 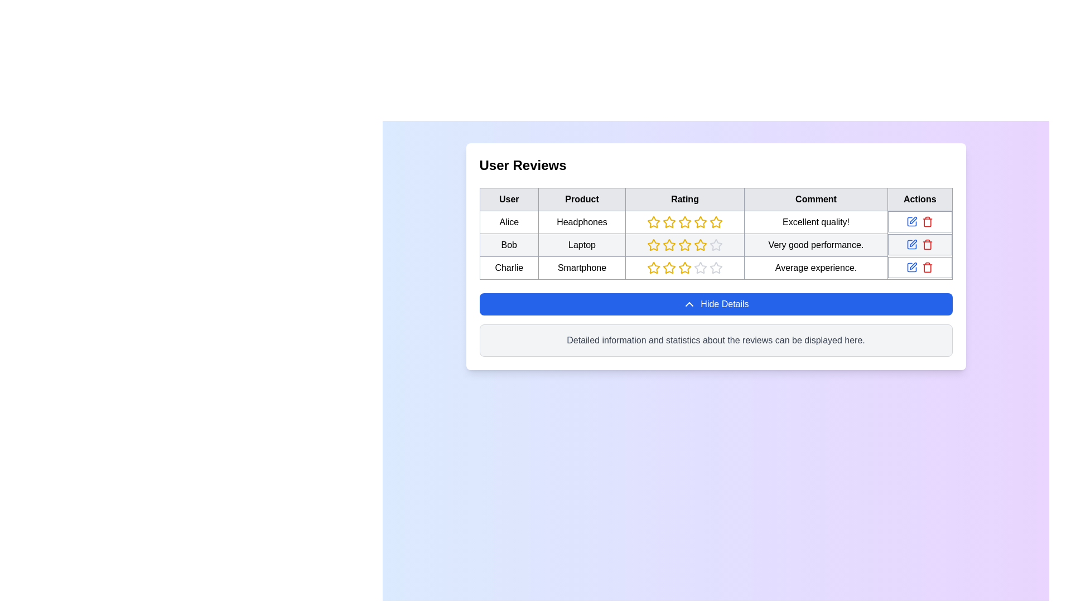 What do you see at coordinates (700, 244) in the screenshot?
I see `the fourth star-shaped rating icon with a yellow outline in the 'Rating' column for Bob's Laptop` at bounding box center [700, 244].